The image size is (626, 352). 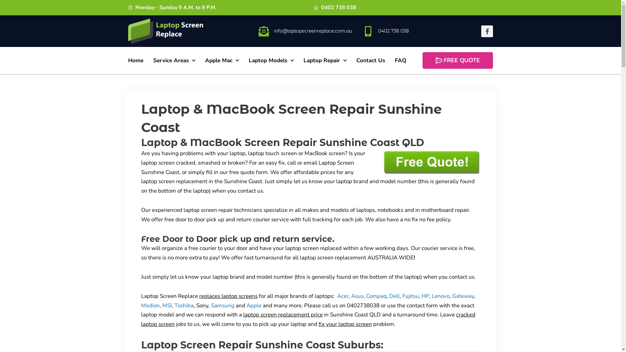 I want to click on 'Home', so click(x=135, y=60).